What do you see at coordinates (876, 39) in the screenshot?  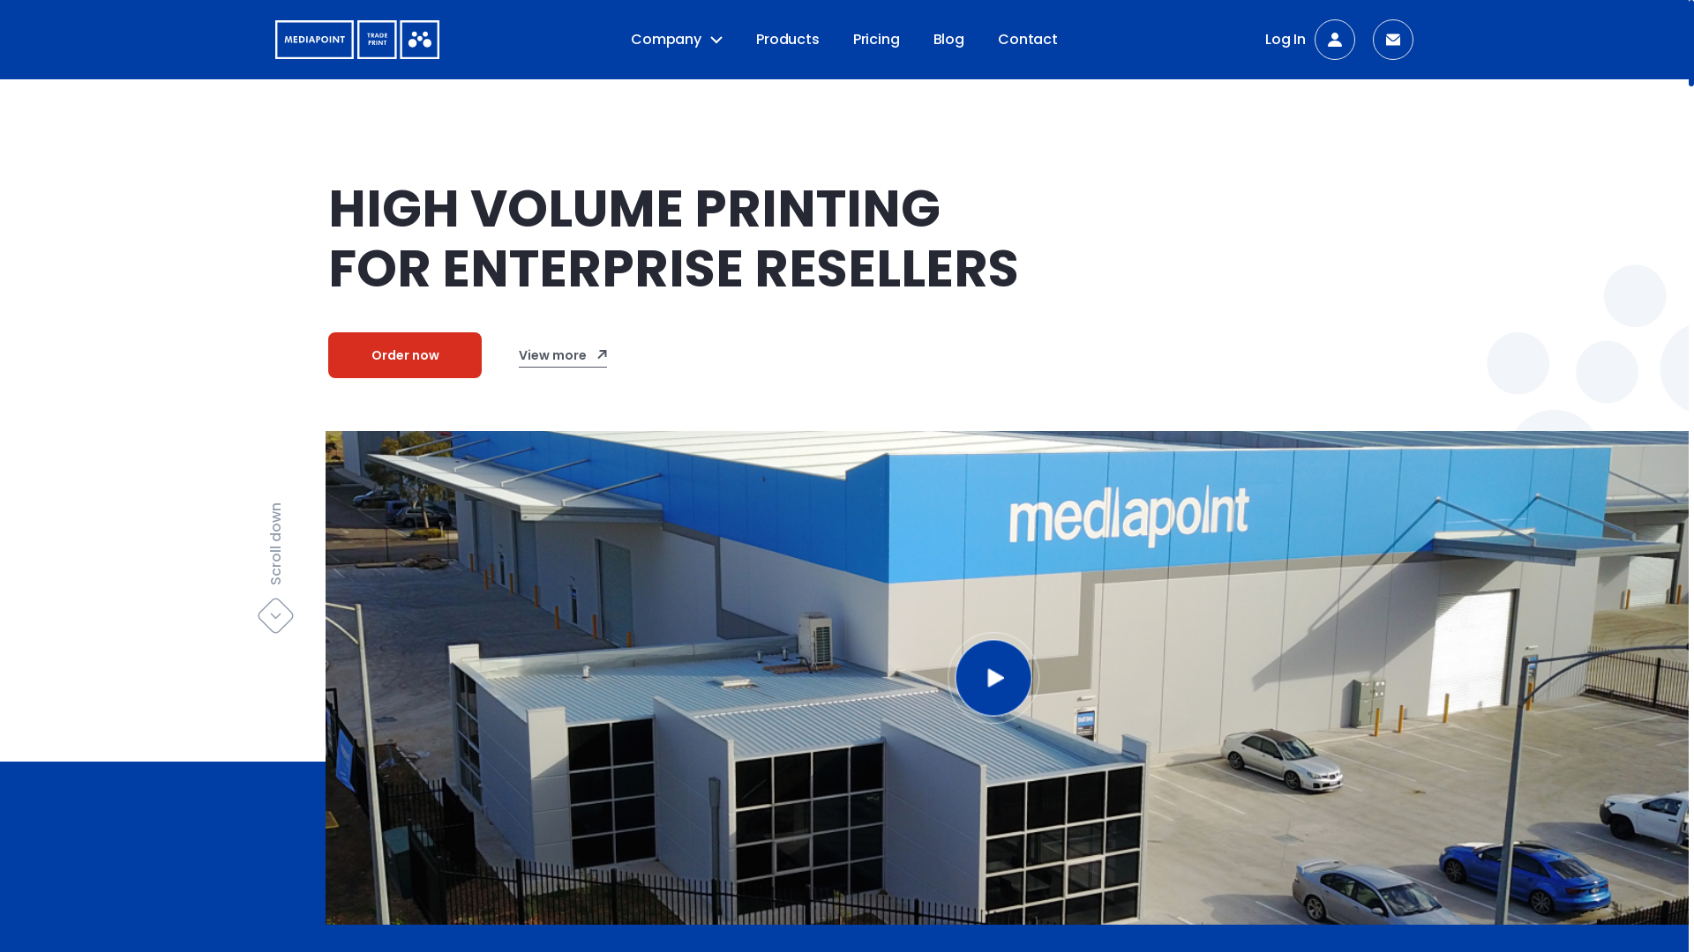 I see `'Pricing'` at bounding box center [876, 39].